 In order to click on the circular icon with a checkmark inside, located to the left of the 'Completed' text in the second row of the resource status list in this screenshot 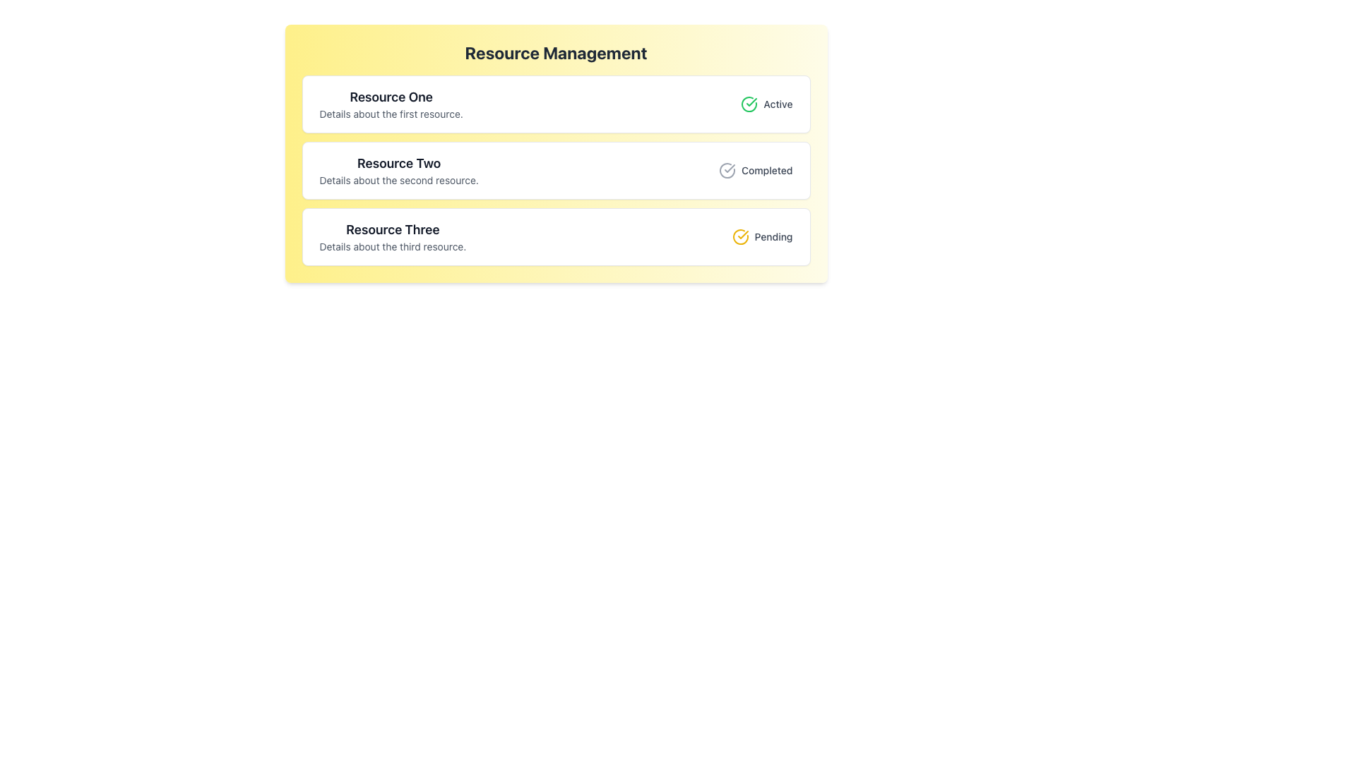, I will do `click(727, 170)`.